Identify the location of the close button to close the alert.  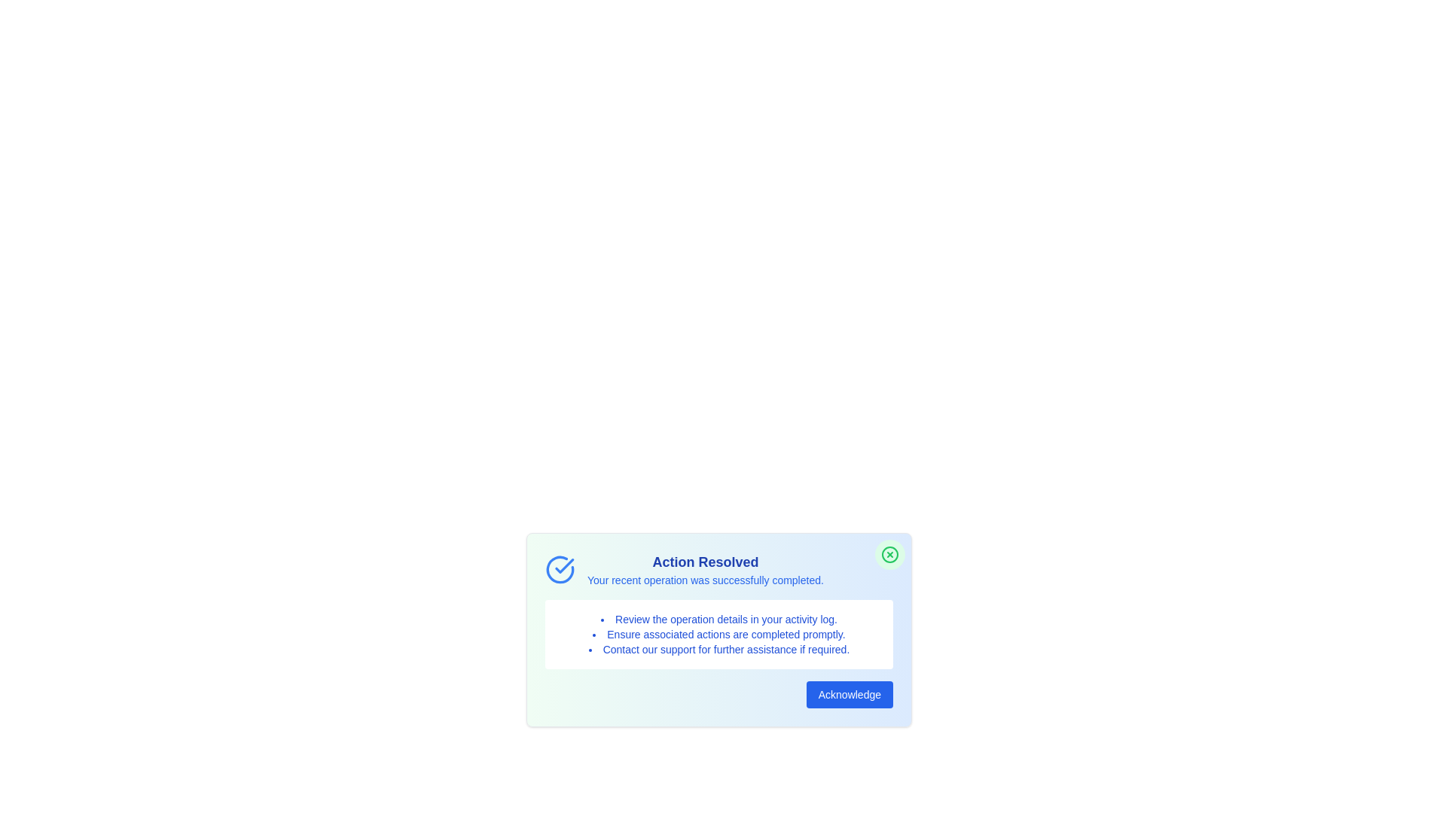
(889, 554).